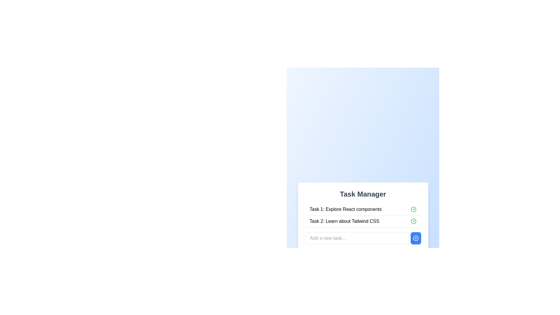 The height and width of the screenshot is (315, 560). Describe the element at coordinates (415, 238) in the screenshot. I see `the small, rounded rectangular button with a blue background and white circular plus icon located to the immediate right of the text input field in the 'Task Manager' card interface` at that location.